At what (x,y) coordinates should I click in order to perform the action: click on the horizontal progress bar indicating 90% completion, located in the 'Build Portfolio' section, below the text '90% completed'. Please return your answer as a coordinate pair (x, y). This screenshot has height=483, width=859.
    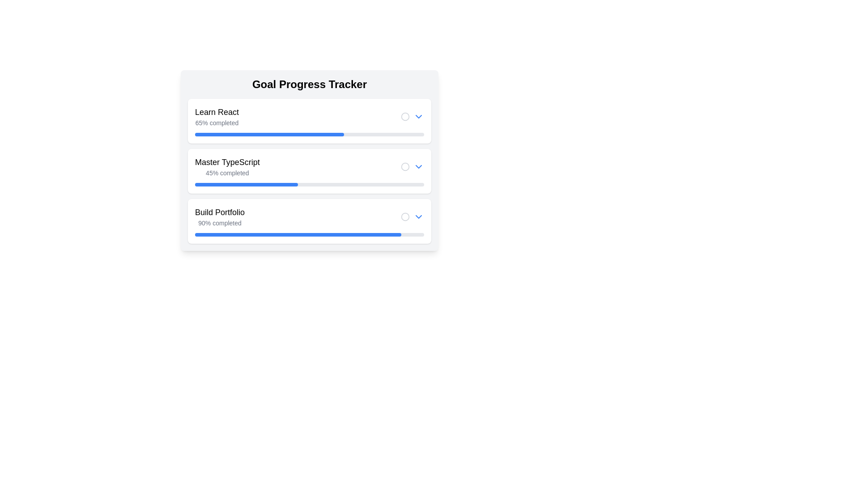
    Looking at the image, I should click on (309, 234).